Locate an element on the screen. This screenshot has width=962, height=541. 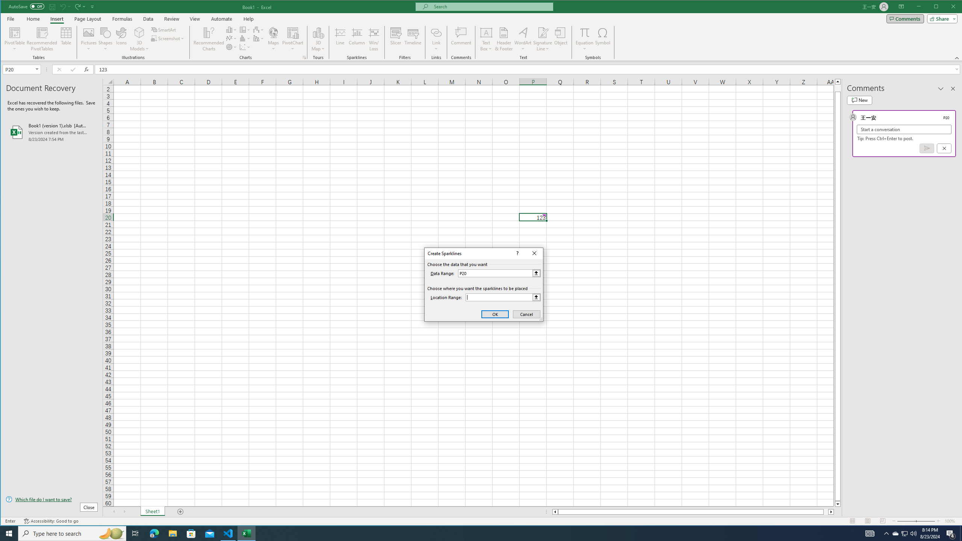
'Show desktop' is located at coordinates (960, 533).